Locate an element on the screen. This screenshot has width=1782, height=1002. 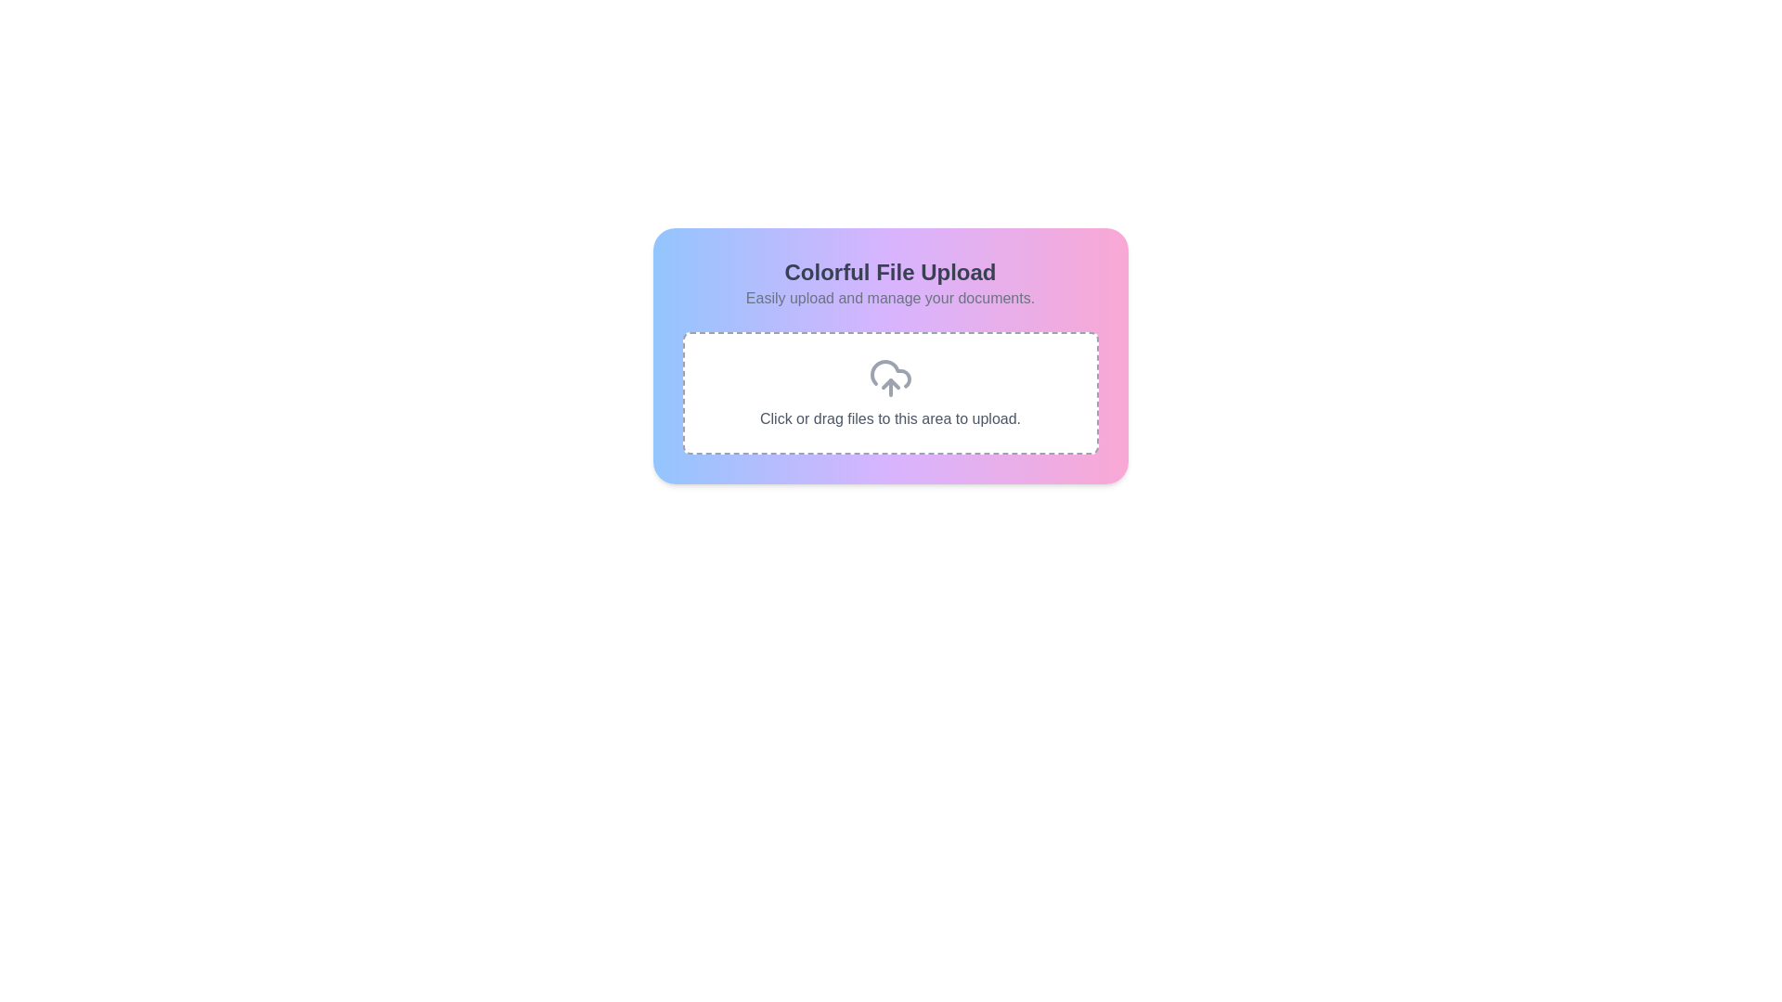
the centrally positioned Drag-and-drop file upload area is located at coordinates (889, 392).